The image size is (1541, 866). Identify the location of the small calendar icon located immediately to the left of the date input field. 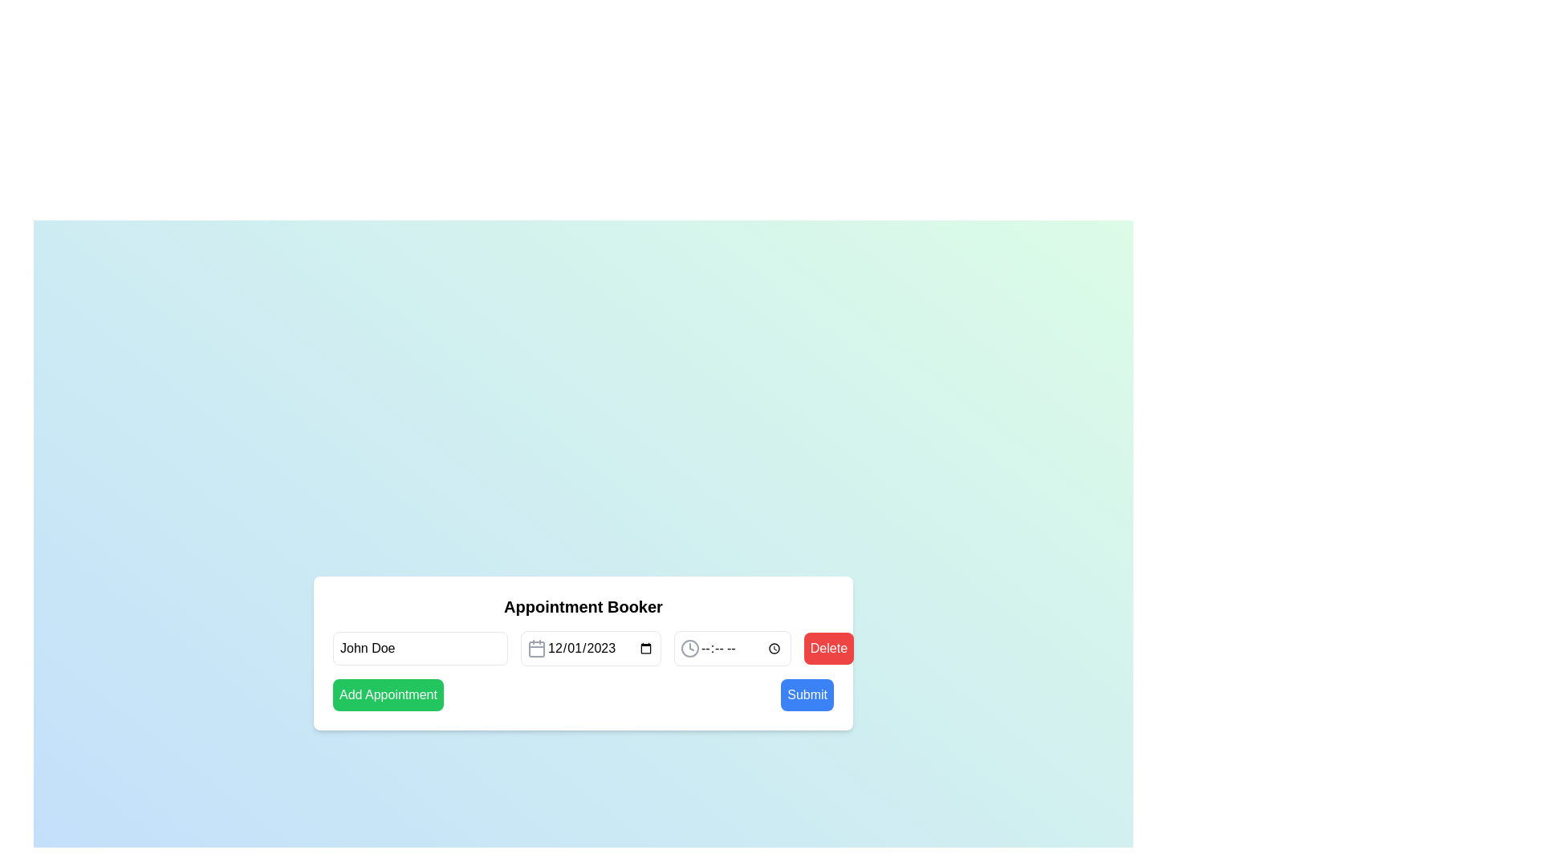
(536, 648).